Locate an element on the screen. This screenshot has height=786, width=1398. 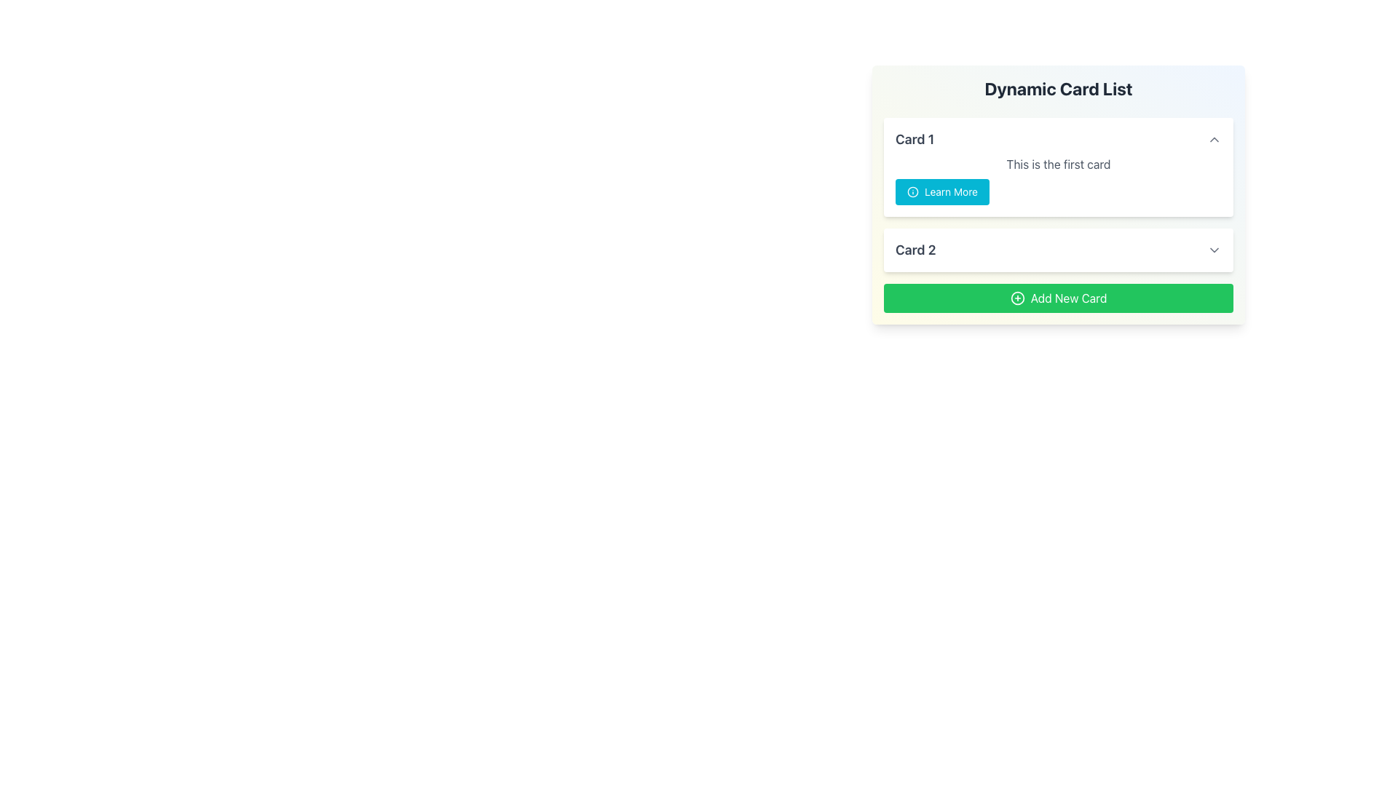
the 'Add New Card' icon located to the left of the text label 'Add New Card' at the bottom of the interface is located at coordinates (1016, 297).